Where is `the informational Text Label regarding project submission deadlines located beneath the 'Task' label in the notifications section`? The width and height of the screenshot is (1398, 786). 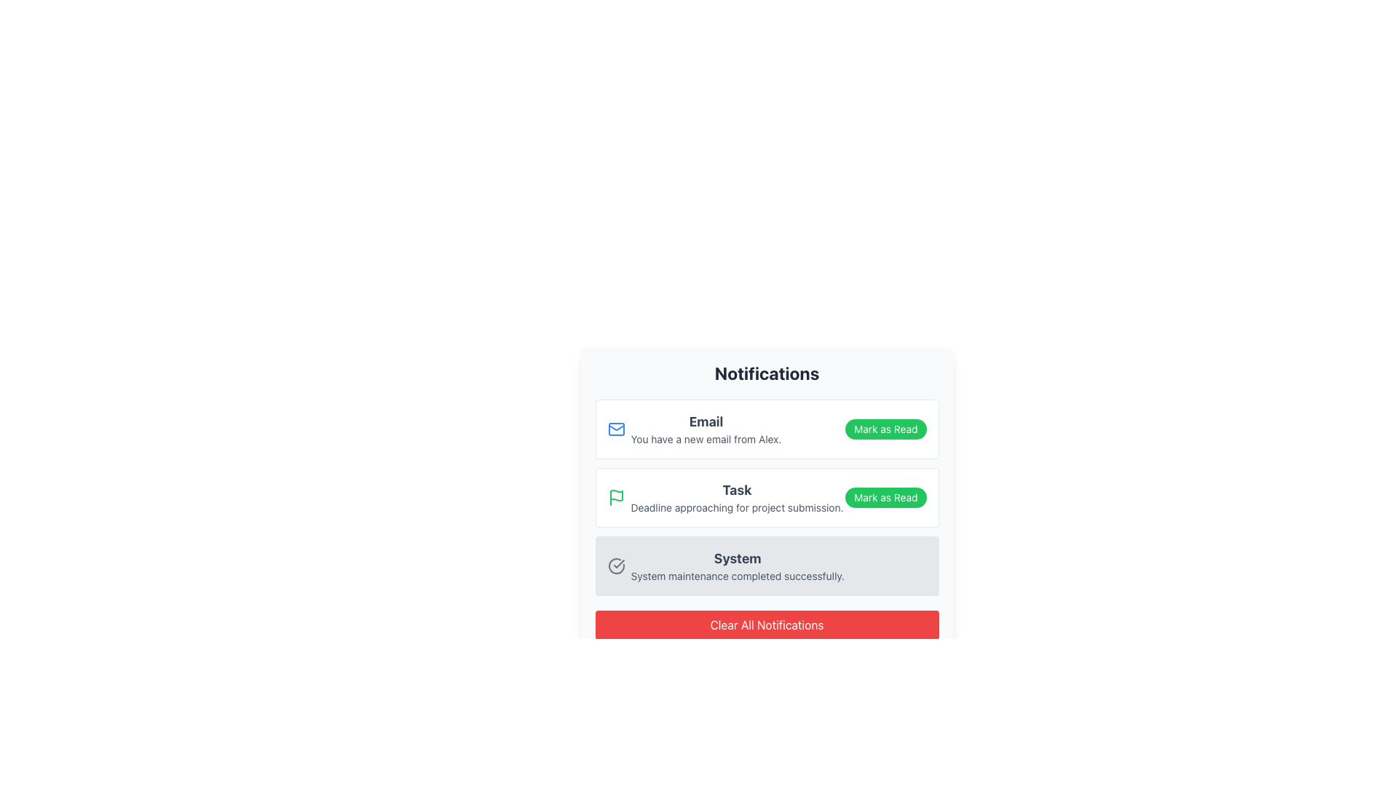
the informational Text Label regarding project submission deadlines located beneath the 'Task' label in the notifications section is located at coordinates (737, 507).